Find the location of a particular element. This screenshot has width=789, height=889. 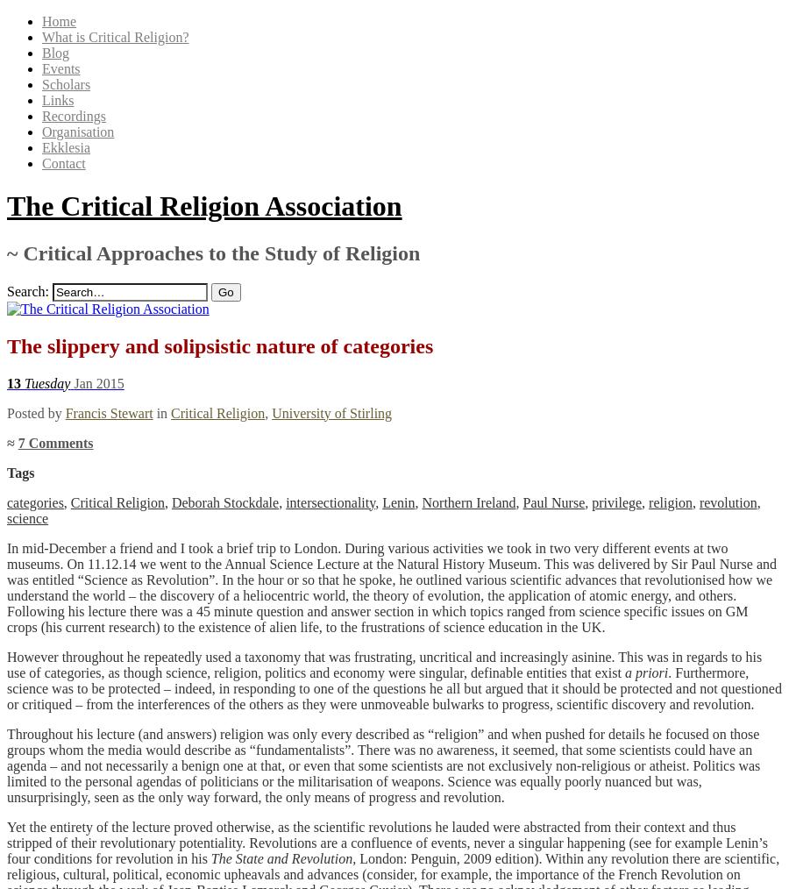

'Northern Ireland' is located at coordinates (467, 501).